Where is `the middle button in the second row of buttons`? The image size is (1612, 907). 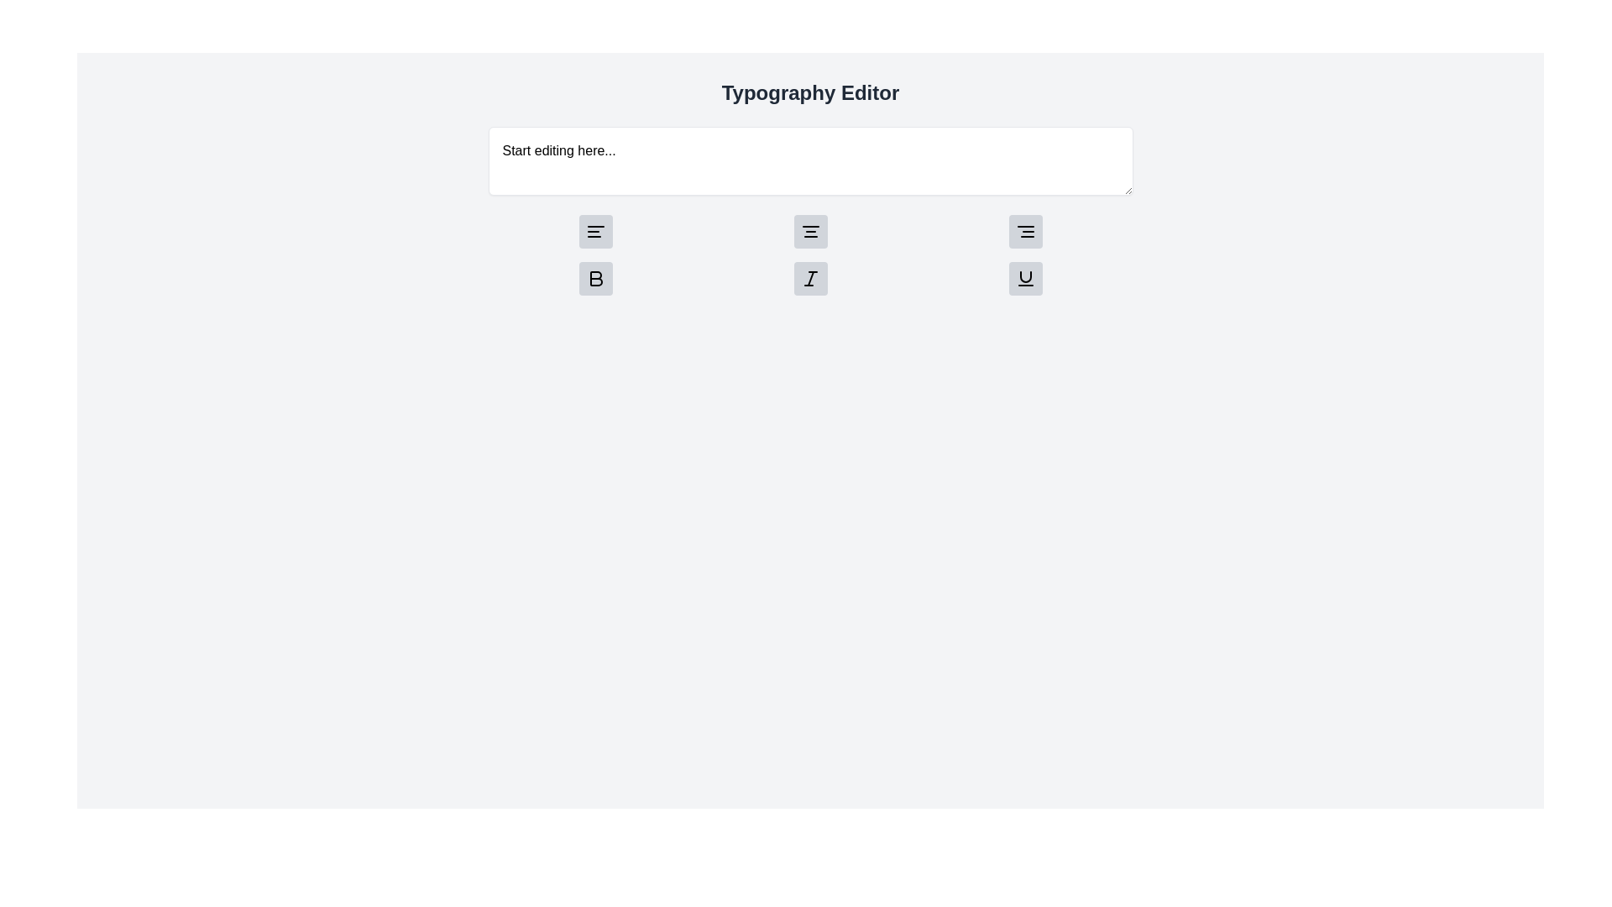 the middle button in the second row of buttons is located at coordinates (810, 277).